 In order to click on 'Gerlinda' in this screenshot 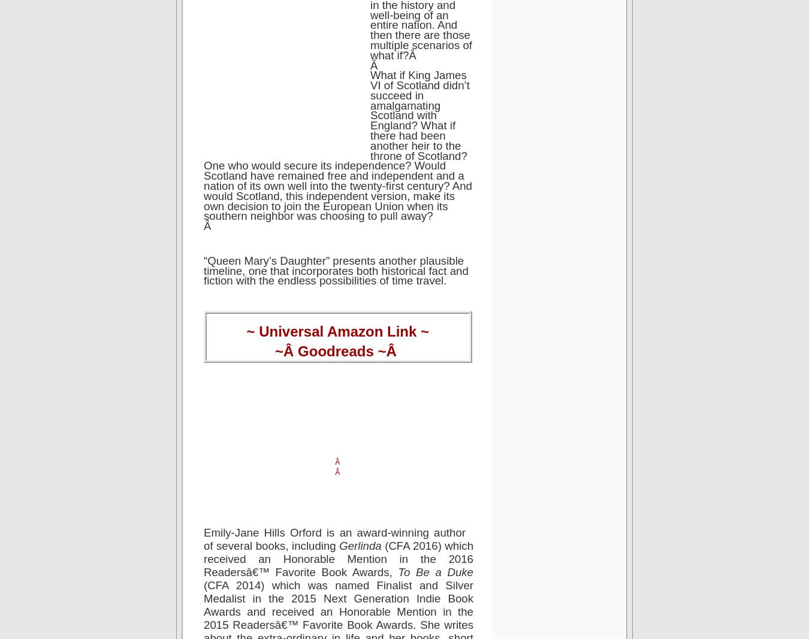, I will do `click(361, 546)`.